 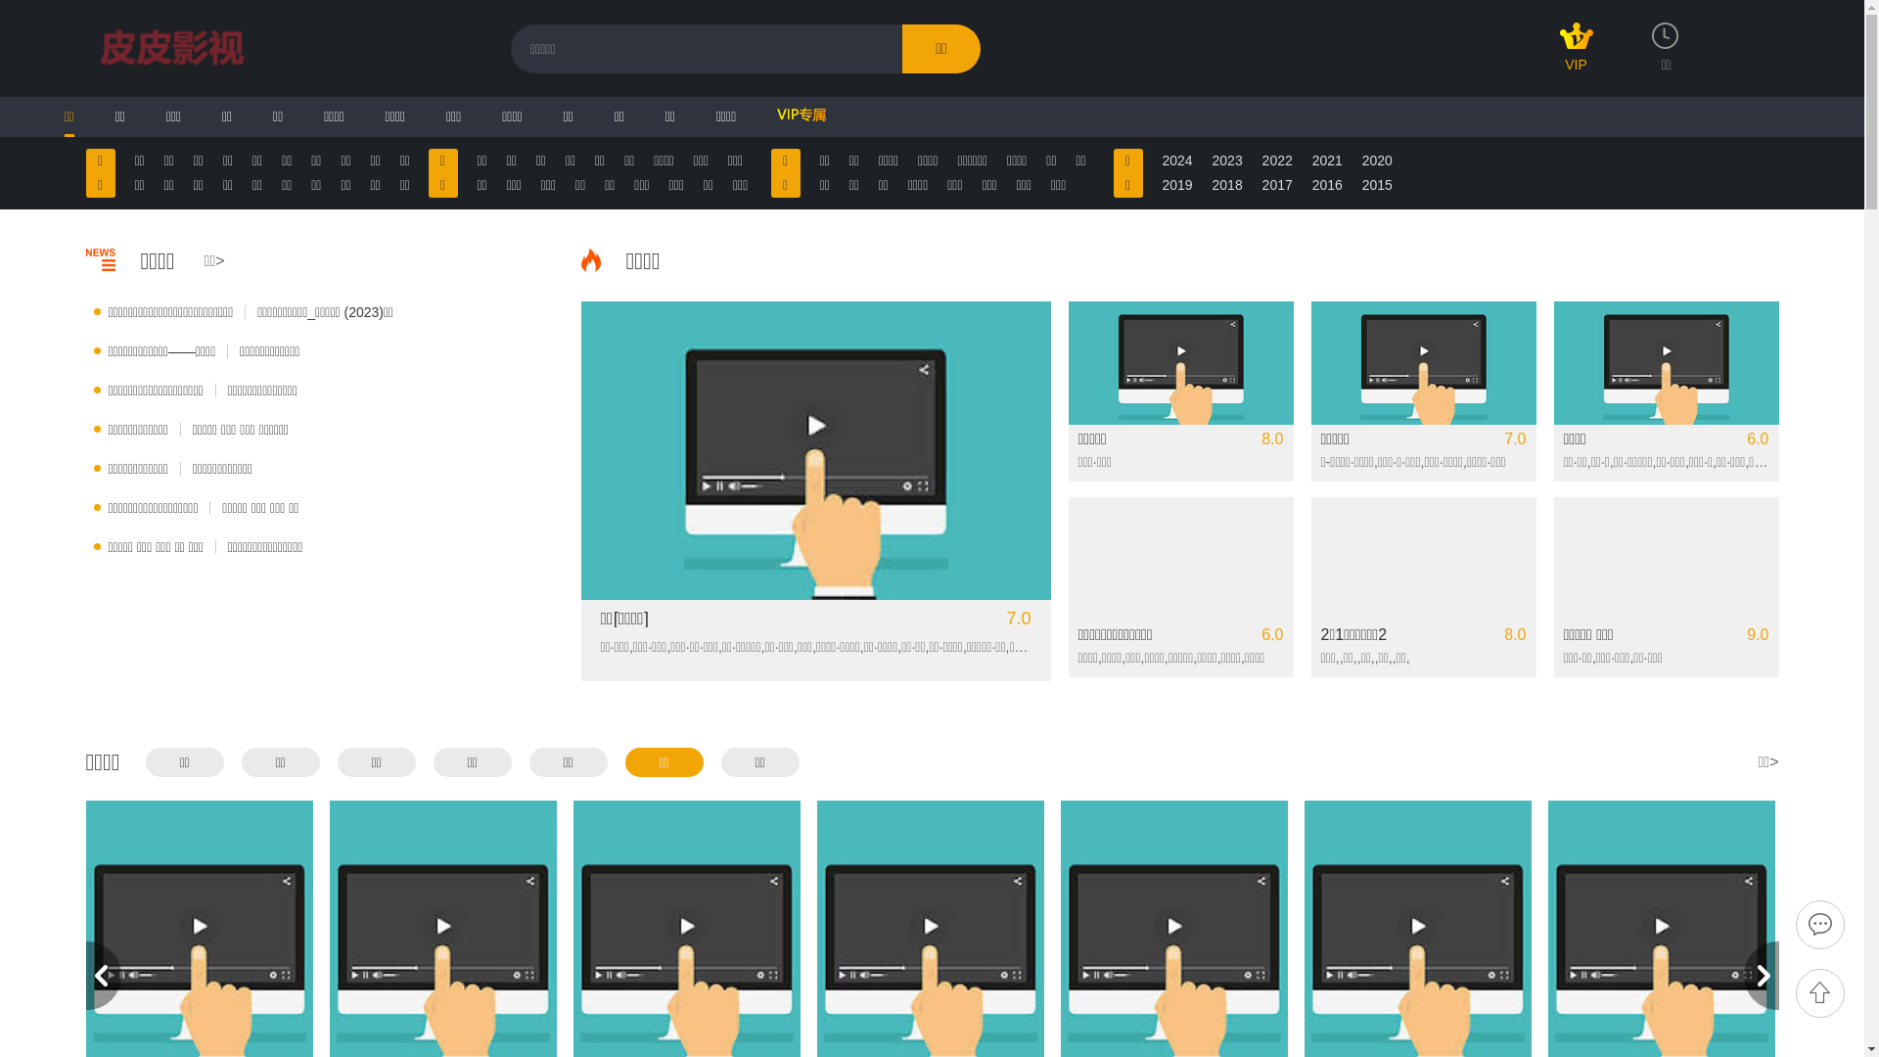 What do you see at coordinates (1577, 55) in the screenshot?
I see `'VIP'` at bounding box center [1577, 55].